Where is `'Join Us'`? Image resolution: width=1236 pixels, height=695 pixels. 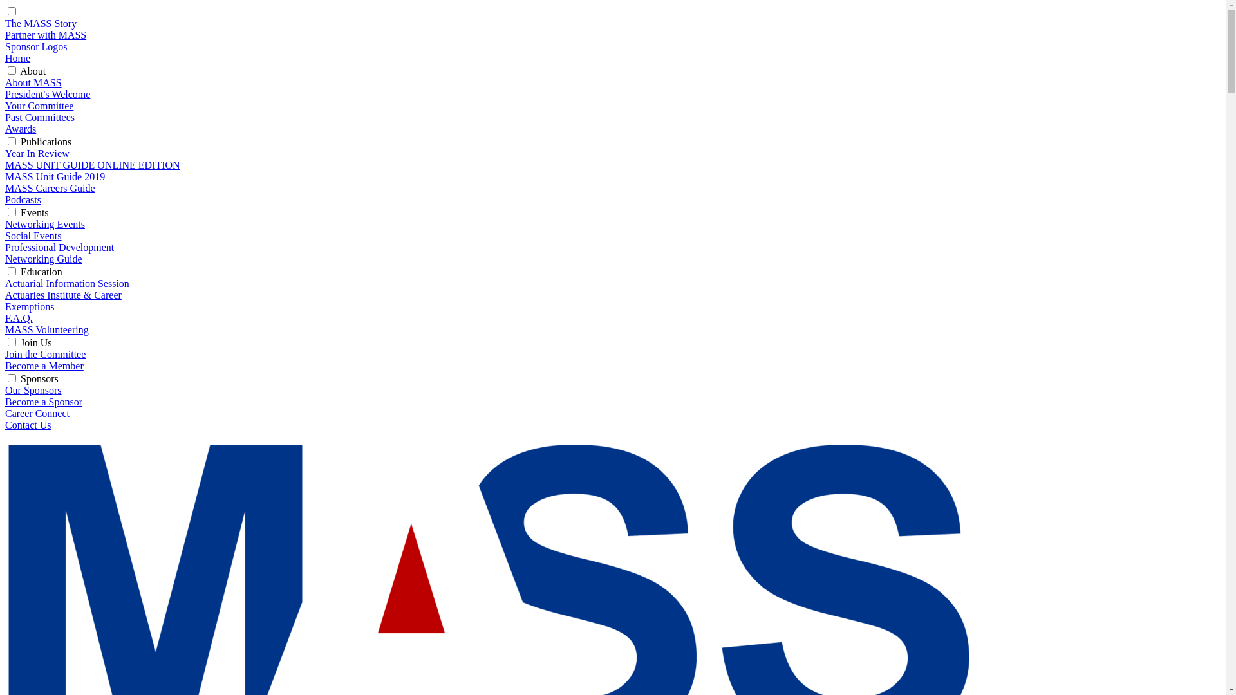
'Join Us' is located at coordinates (36, 342).